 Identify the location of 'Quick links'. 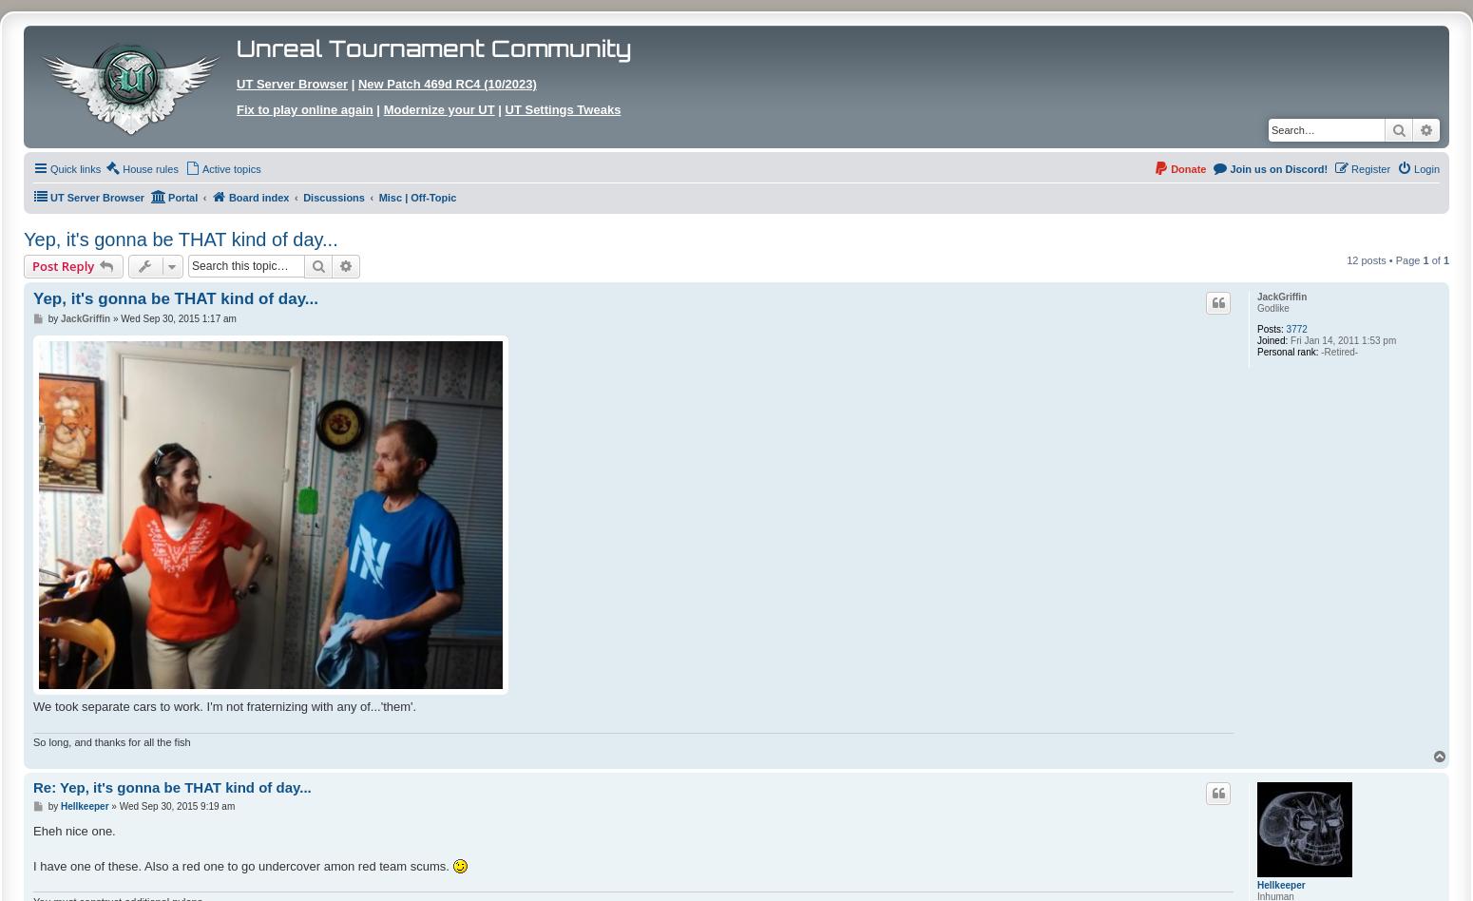
(75, 168).